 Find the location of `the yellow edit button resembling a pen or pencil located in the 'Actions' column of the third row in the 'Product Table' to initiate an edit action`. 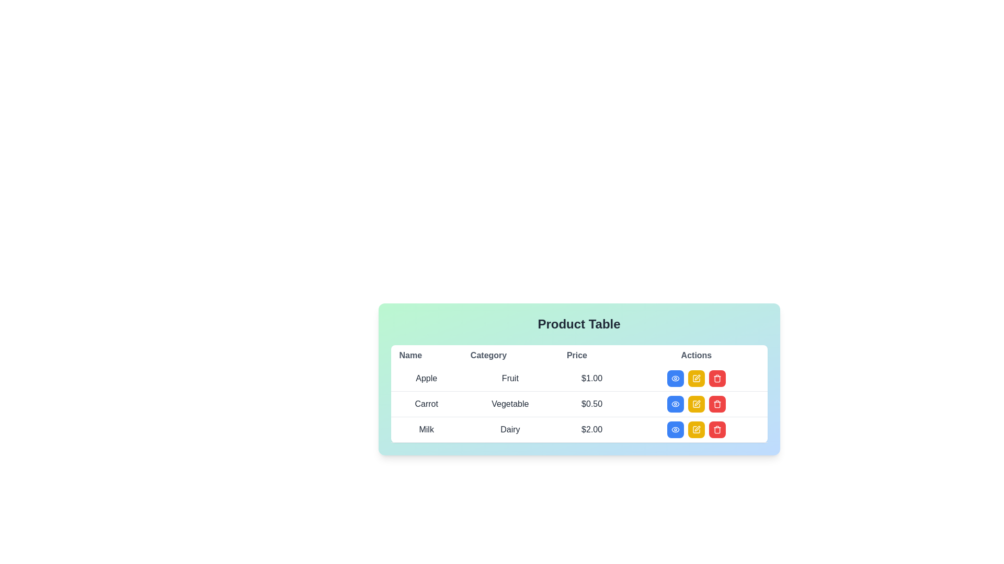

the yellow edit button resembling a pen or pencil located in the 'Actions' column of the third row in the 'Product Table' to initiate an edit action is located at coordinates (695, 429).